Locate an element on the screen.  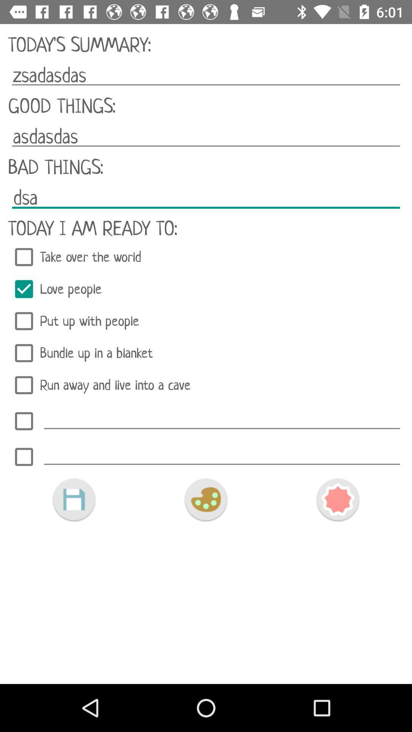
check off is located at coordinates (23, 421).